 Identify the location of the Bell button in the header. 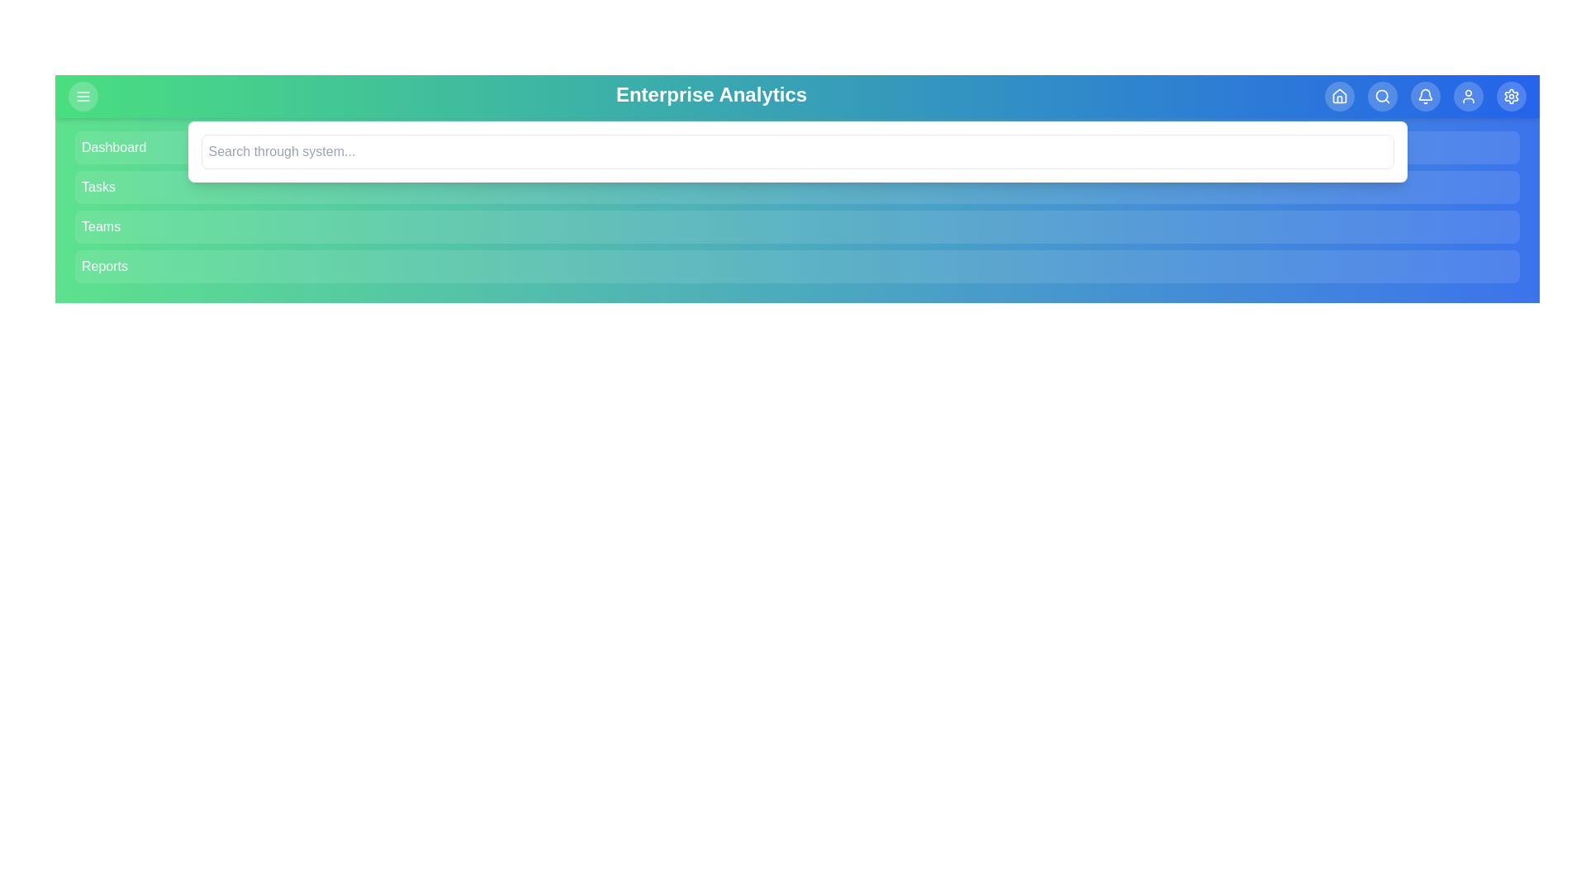
(1424, 96).